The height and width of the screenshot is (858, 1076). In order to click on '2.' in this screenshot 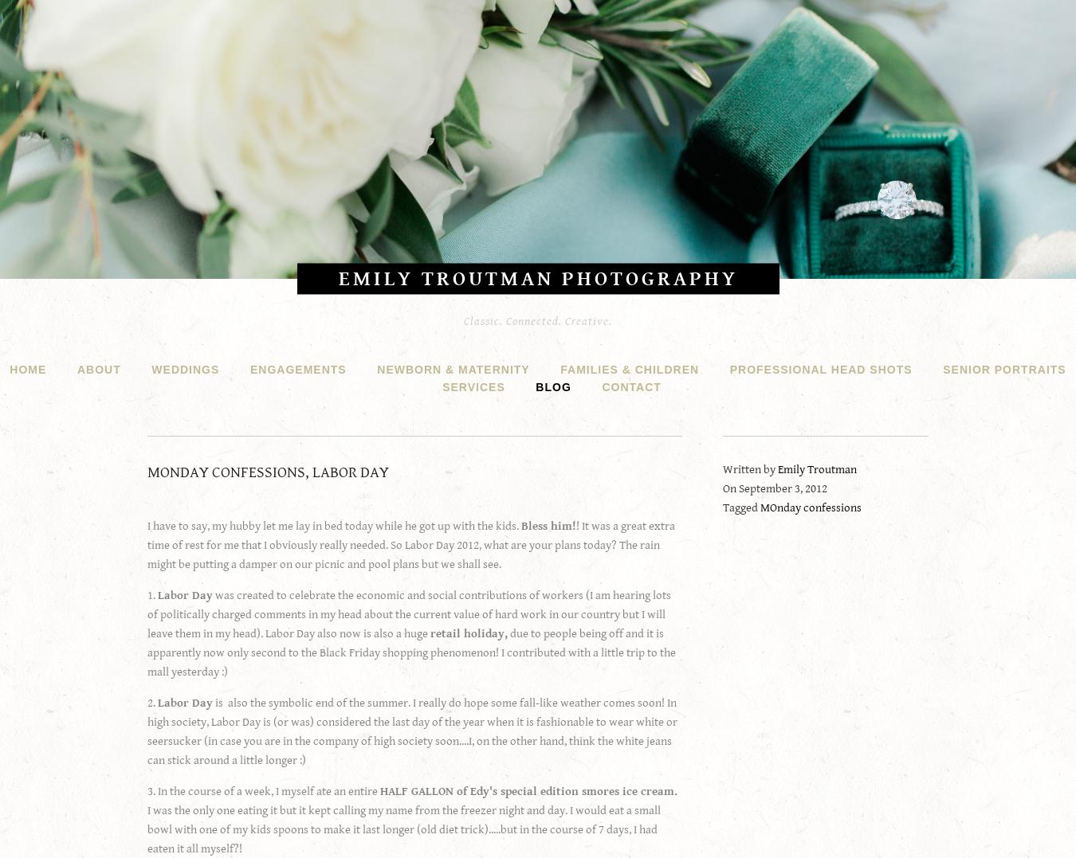, I will do `click(152, 703)`.